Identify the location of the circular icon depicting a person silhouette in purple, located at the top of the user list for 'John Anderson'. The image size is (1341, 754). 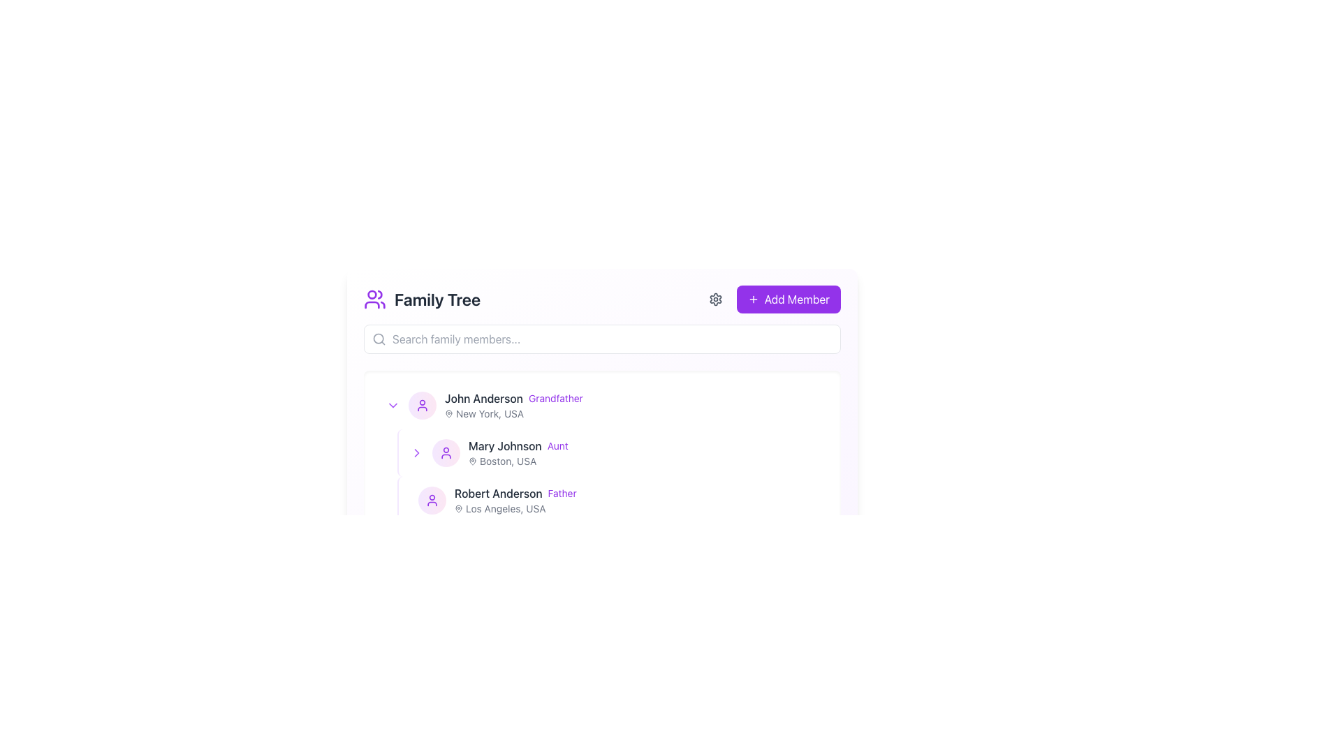
(421, 406).